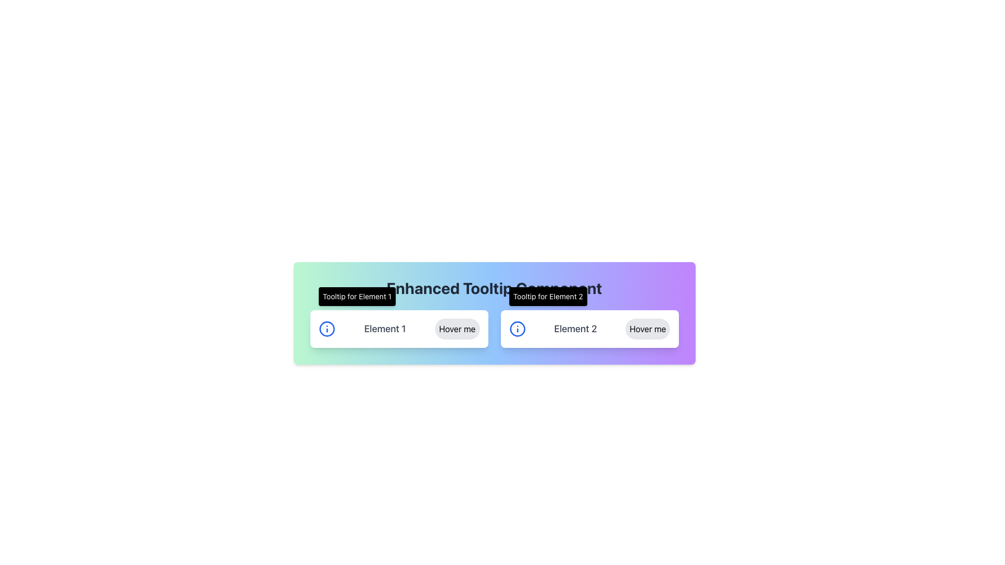  Describe the element at coordinates (326, 328) in the screenshot. I see `the decorative part of the blue information icon, which is the second icon in a row of icons` at that location.